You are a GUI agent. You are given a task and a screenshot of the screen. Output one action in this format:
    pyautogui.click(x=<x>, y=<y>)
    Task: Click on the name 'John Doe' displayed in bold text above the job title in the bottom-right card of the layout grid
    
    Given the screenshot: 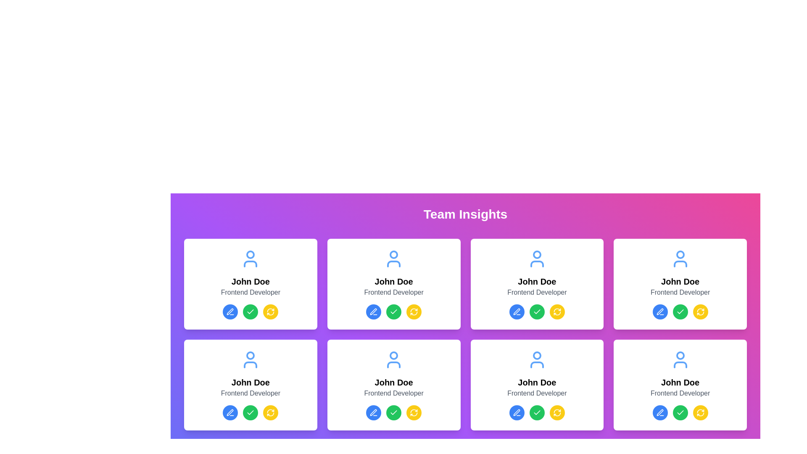 What is the action you would take?
    pyautogui.click(x=536, y=383)
    